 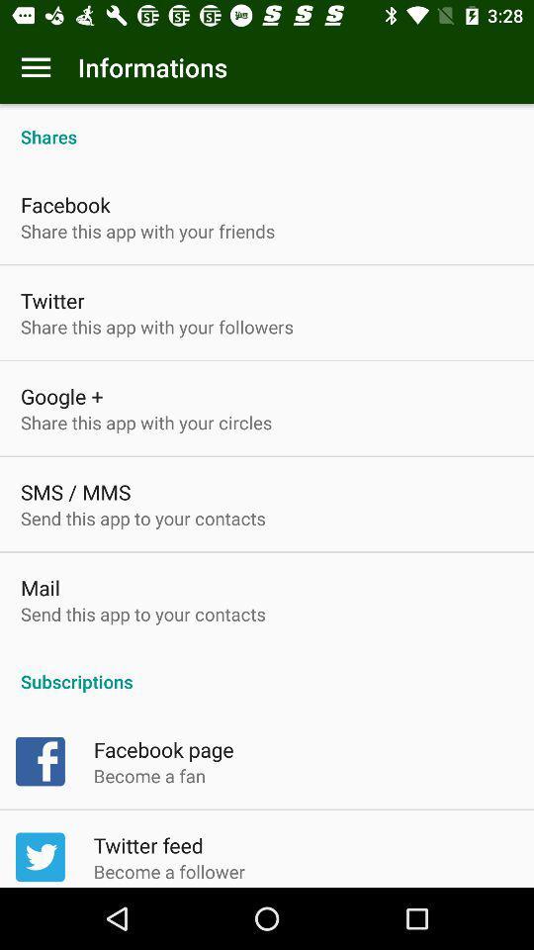 I want to click on the item next to informations app, so click(x=36, y=67).